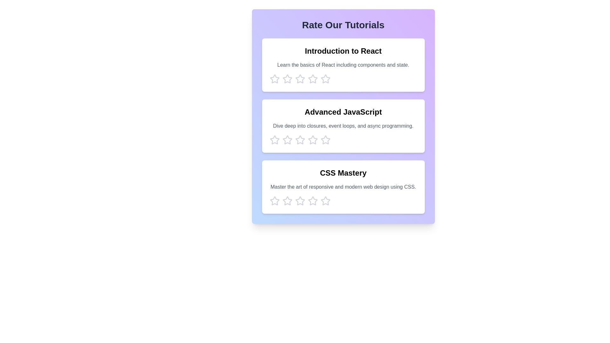 This screenshot has height=343, width=610. Describe the element at coordinates (325, 79) in the screenshot. I see `the rating for a tutorial to 5 stars` at that location.